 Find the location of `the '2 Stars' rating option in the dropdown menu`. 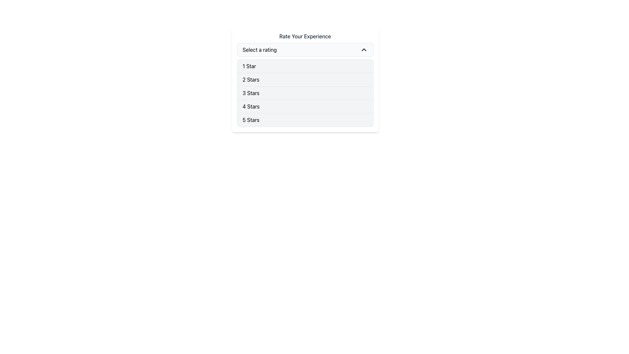

the '2 Stars' rating option in the dropdown menu is located at coordinates (251, 79).